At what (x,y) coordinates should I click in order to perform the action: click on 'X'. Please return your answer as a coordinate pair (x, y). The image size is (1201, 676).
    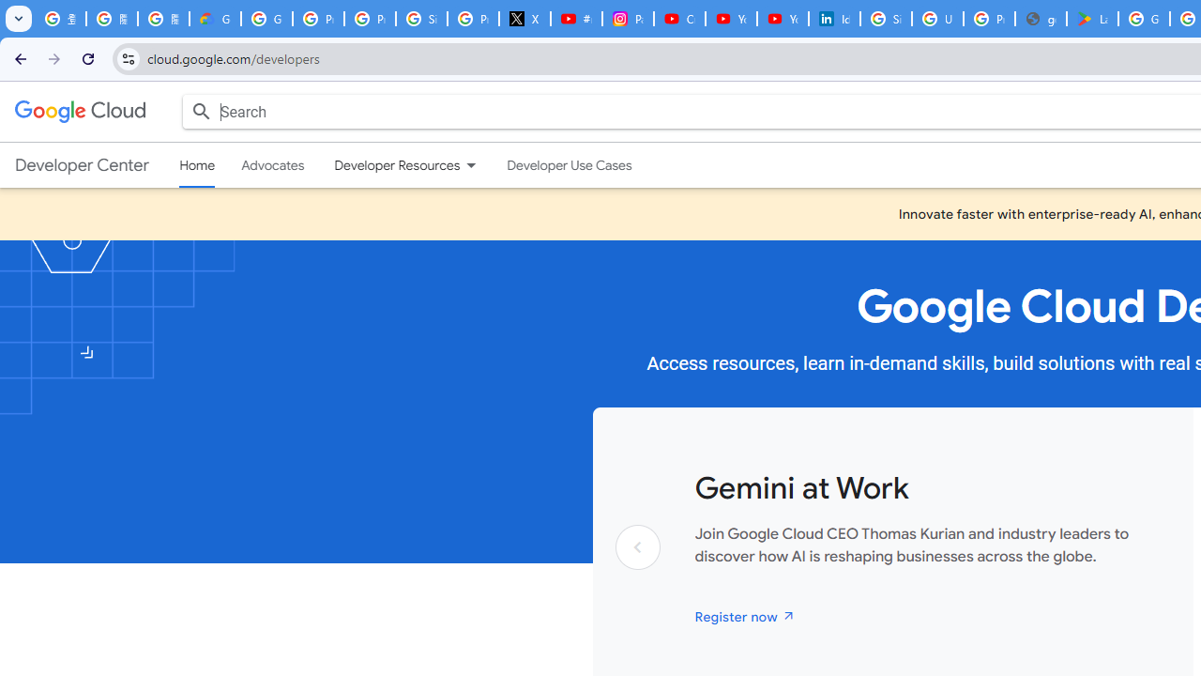
    Looking at the image, I should click on (525, 19).